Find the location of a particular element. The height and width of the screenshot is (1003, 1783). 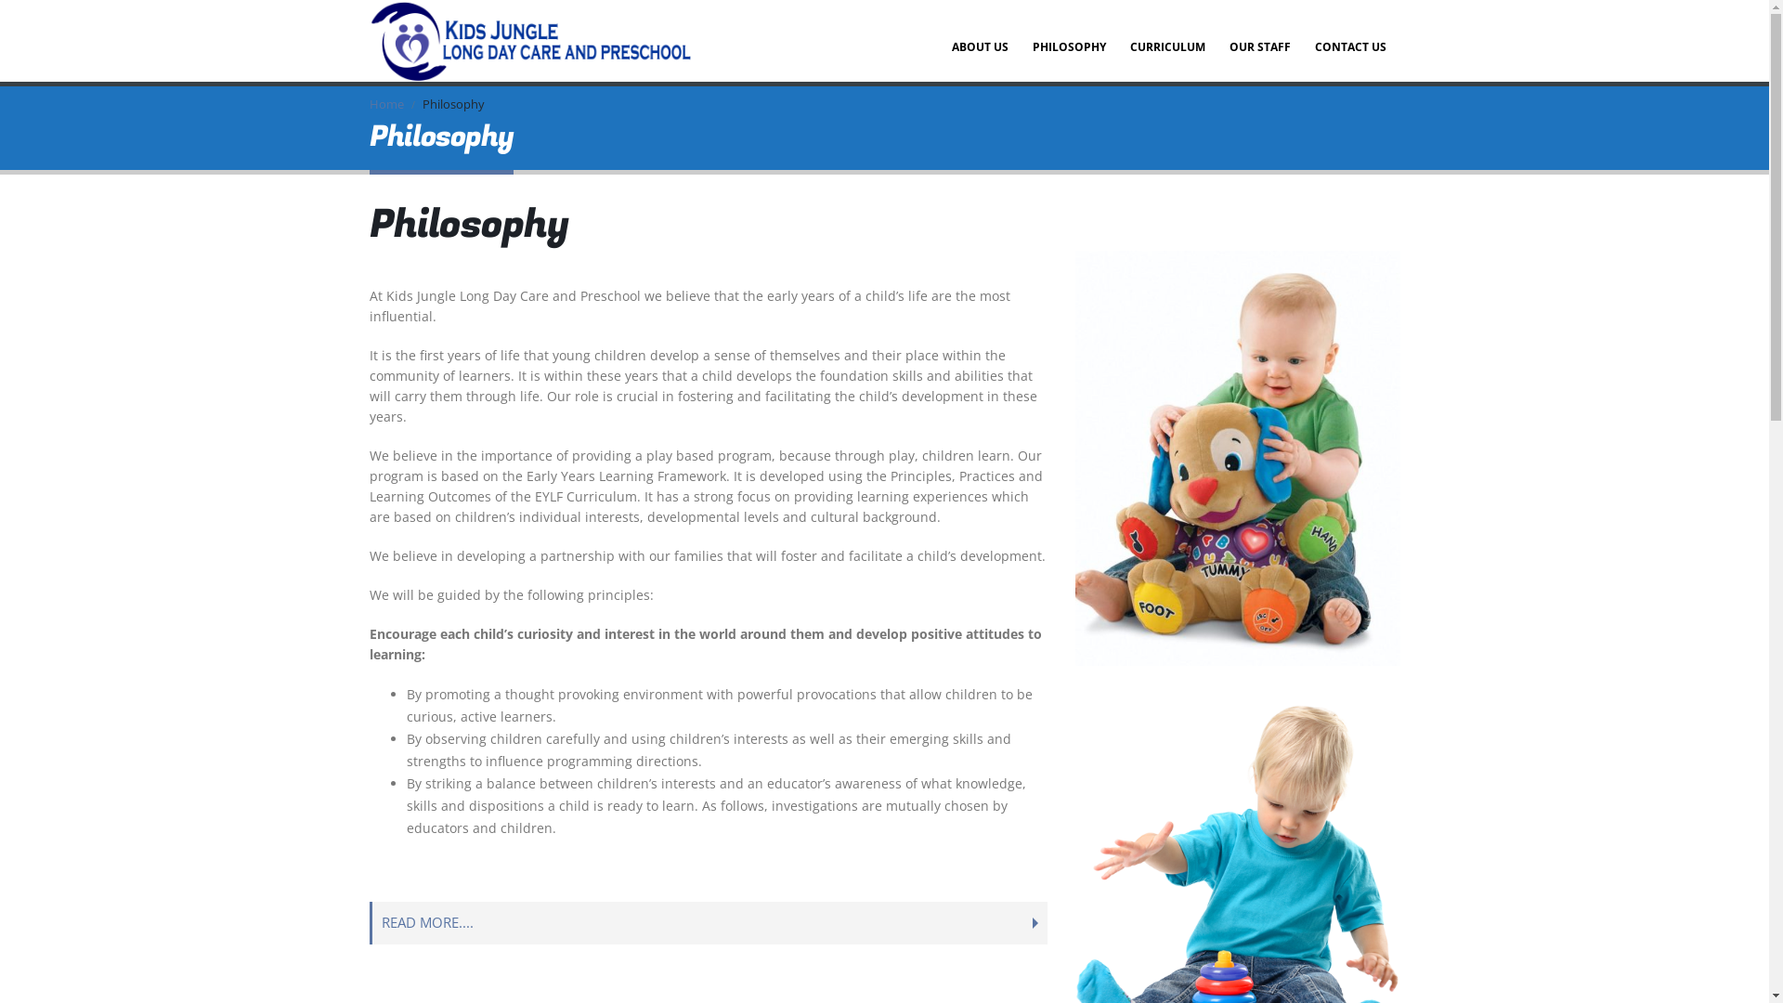

'PHILOSOPHY' is located at coordinates (1069, 40).